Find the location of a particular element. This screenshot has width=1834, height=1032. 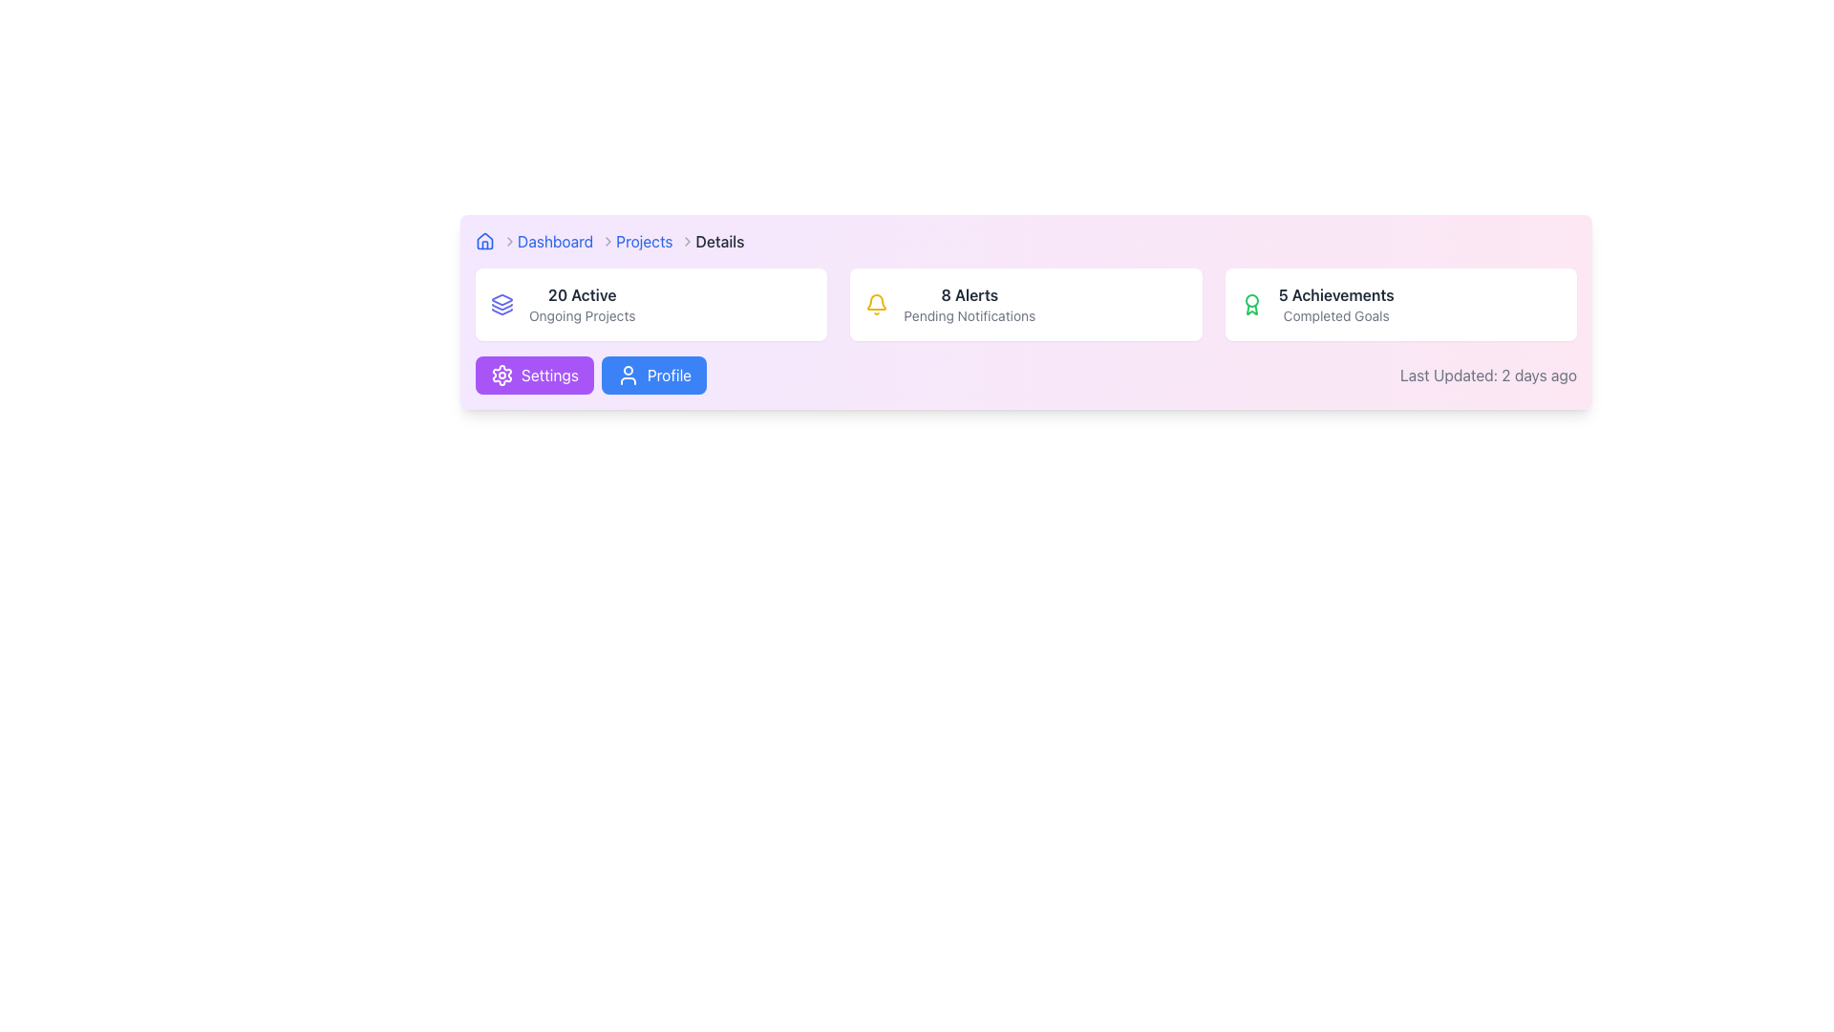

the first breadcrumb hyperlink in the navigation bar that leads to the 'Dashboard' page is located at coordinates (565, 241).